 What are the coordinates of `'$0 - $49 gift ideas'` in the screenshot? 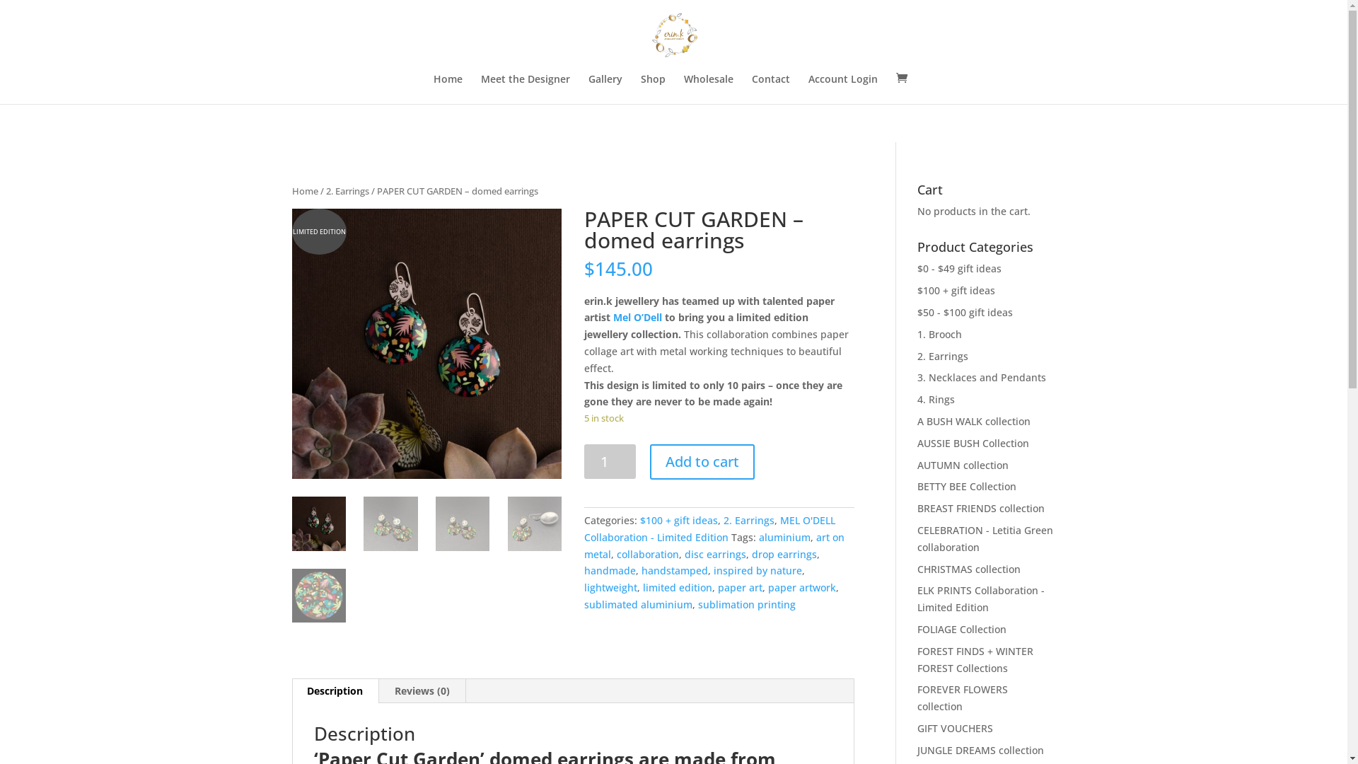 It's located at (959, 268).